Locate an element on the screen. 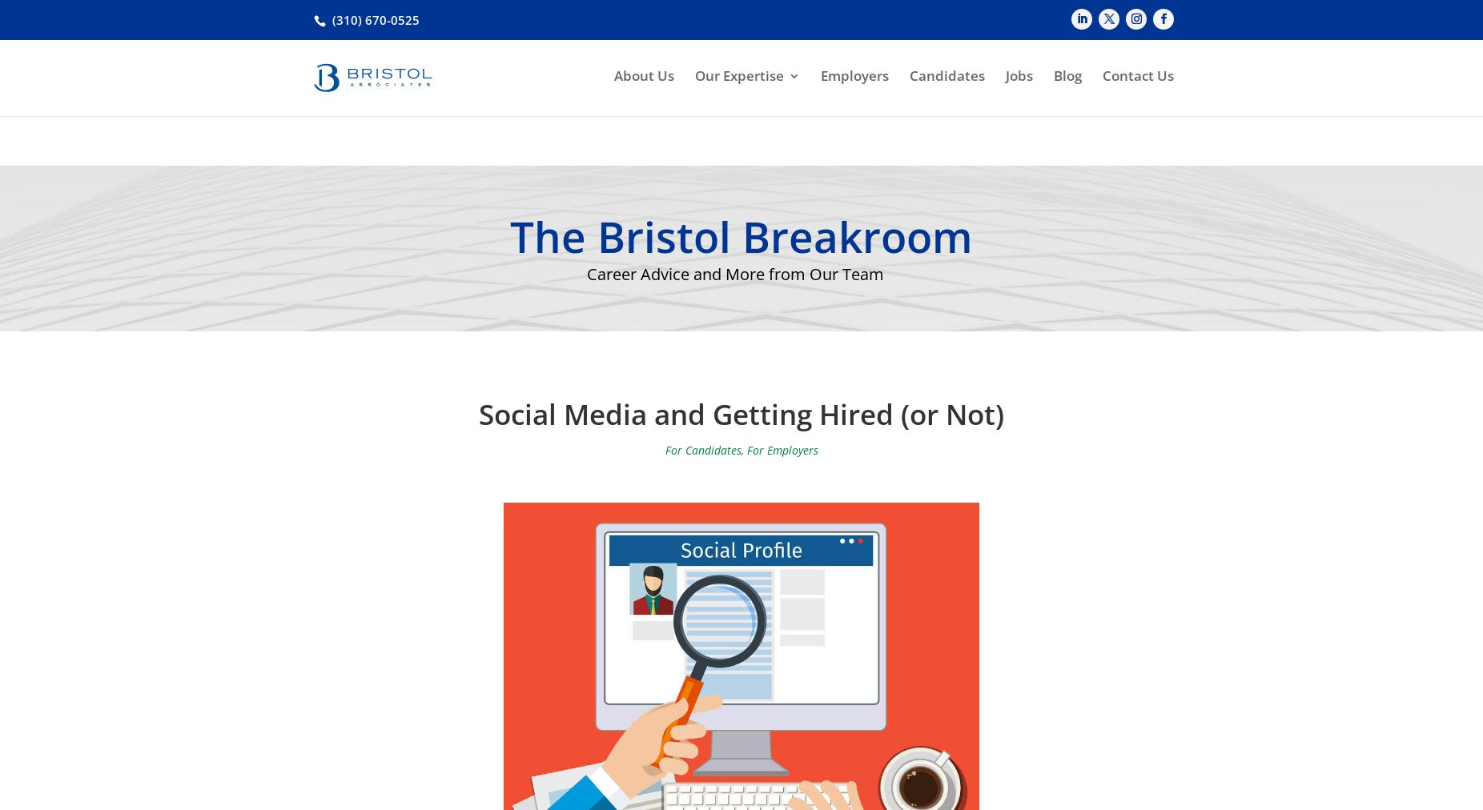 This screenshot has height=810, width=1483. 'Nonprofit' is located at coordinates (737, 271).